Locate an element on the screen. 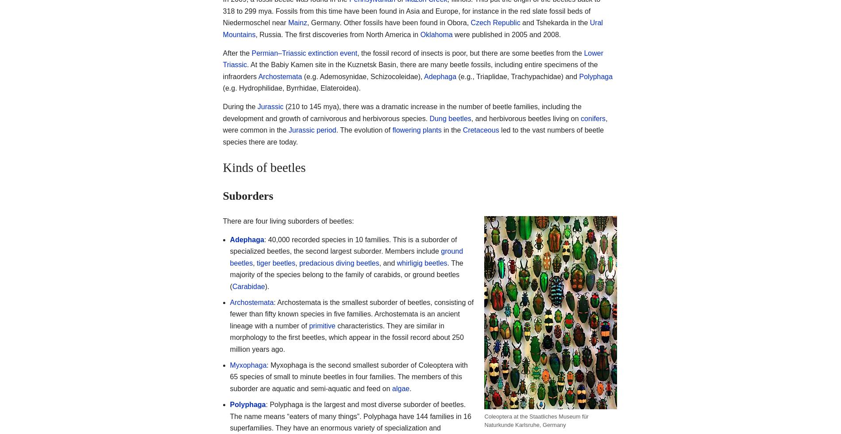 The height and width of the screenshot is (434, 841). 'tiger beetles' is located at coordinates (276, 262).